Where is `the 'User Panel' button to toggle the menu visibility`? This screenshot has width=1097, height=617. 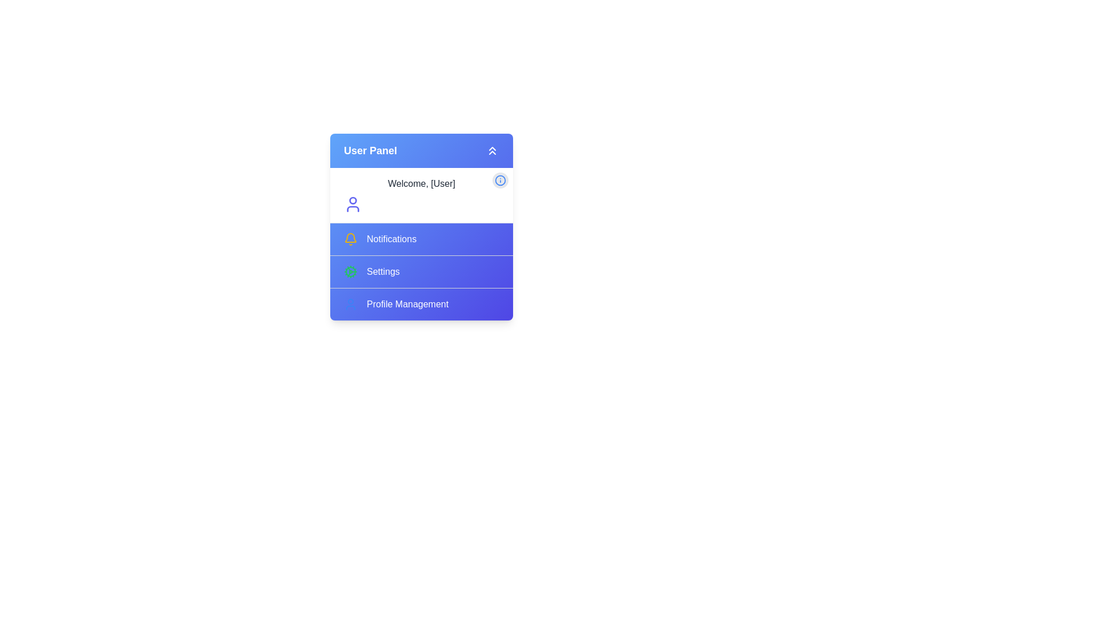 the 'User Panel' button to toggle the menu visibility is located at coordinates (421, 150).